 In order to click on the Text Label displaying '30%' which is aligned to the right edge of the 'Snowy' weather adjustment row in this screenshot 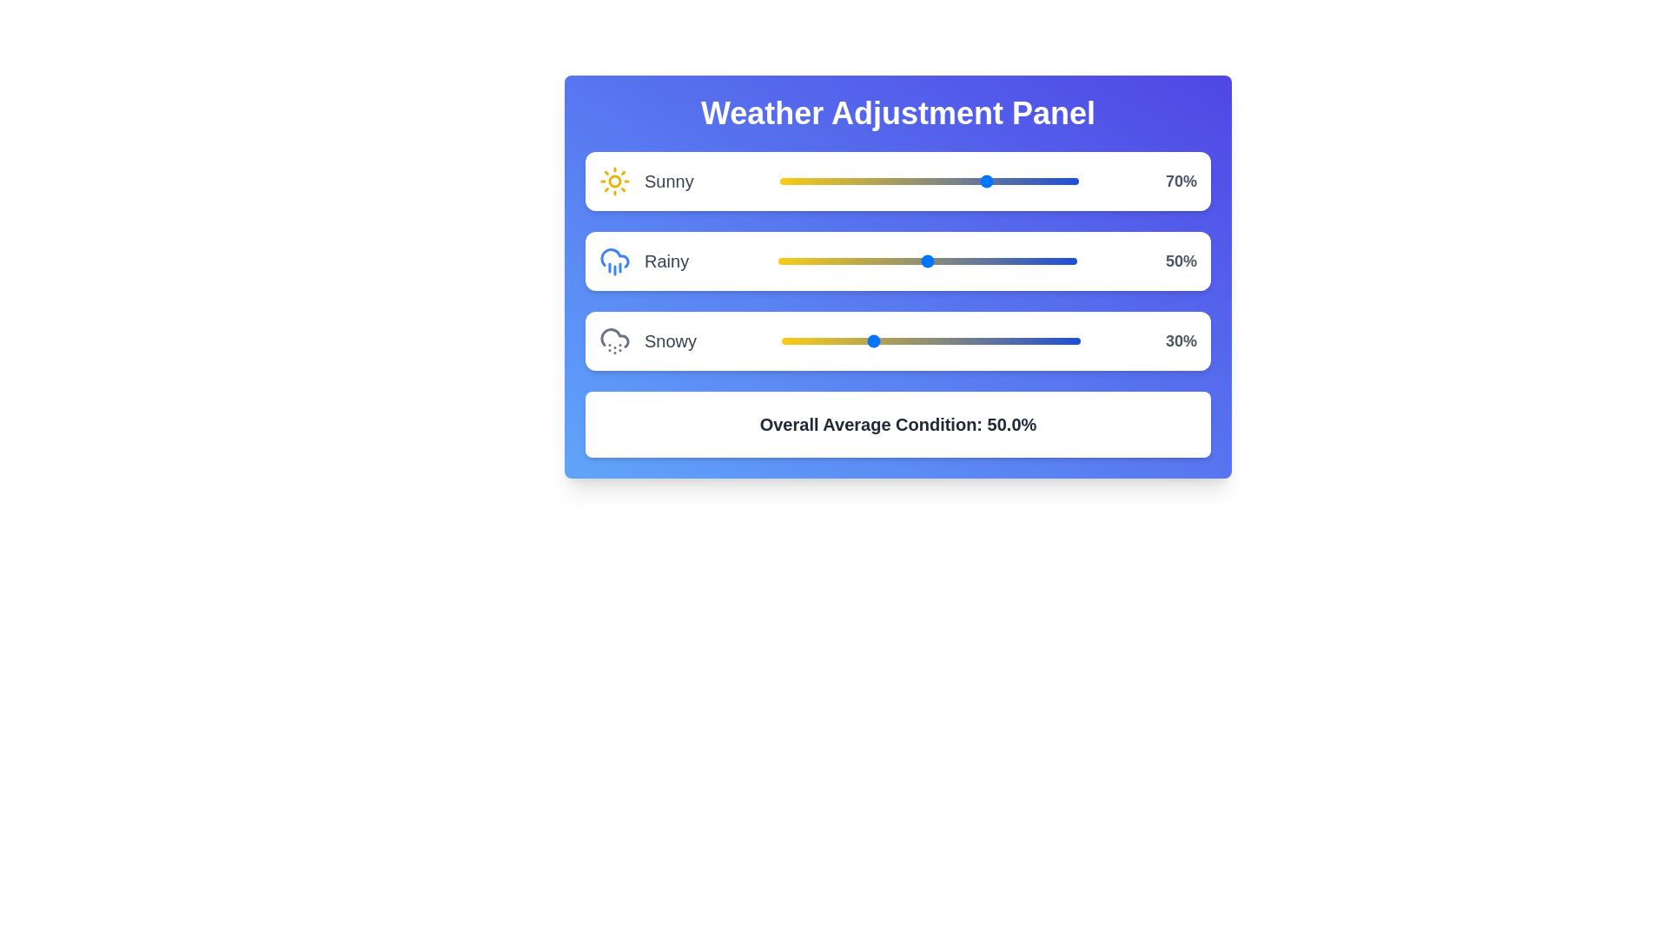, I will do `click(1181, 341)`.